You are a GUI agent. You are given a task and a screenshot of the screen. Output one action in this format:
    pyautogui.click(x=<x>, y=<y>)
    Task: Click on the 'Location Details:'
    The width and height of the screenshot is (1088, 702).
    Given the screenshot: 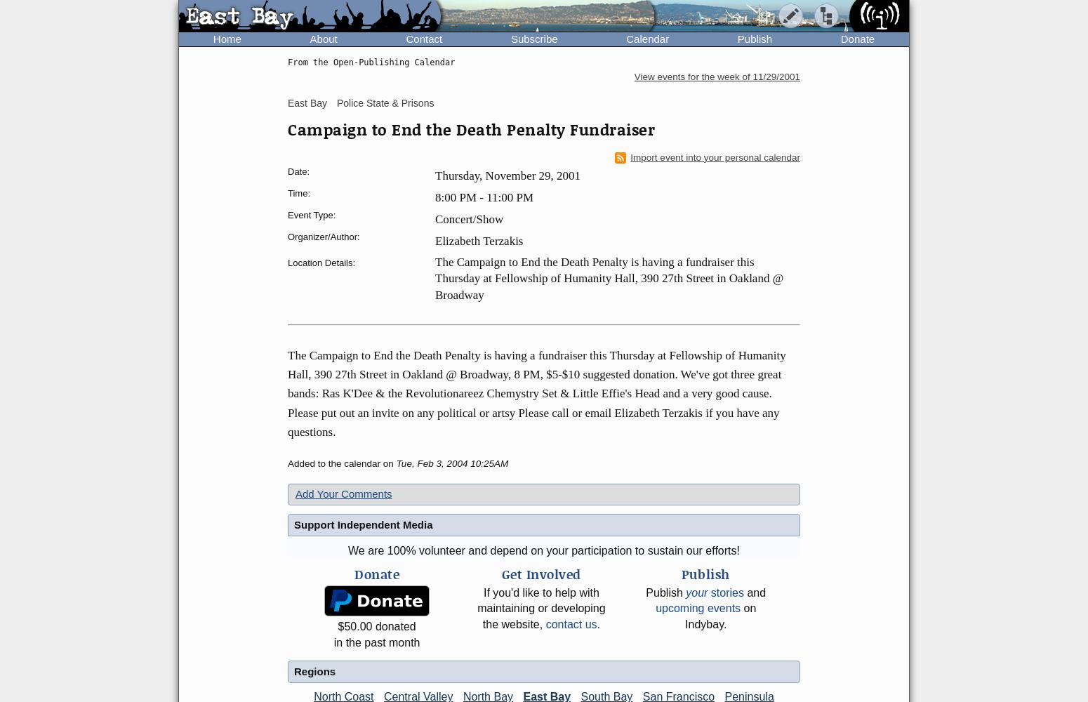 What is the action you would take?
    pyautogui.click(x=321, y=261)
    